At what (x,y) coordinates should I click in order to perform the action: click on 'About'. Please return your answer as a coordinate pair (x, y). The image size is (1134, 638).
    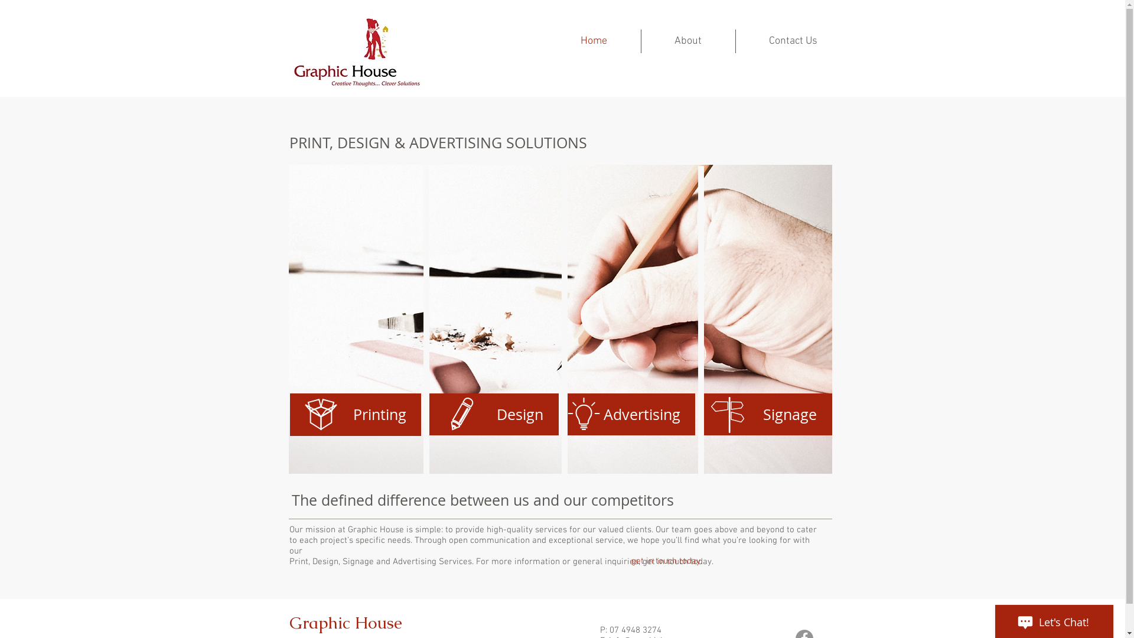
    Looking at the image, I should click on (688, 40).